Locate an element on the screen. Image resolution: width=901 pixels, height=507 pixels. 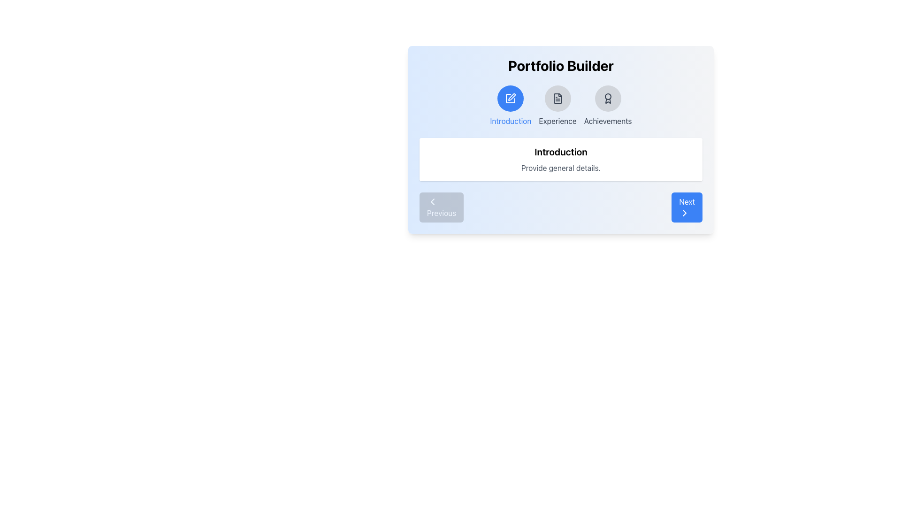
the circular blue icon with a white pen symbol located above the text 'Introduction' to focus on the Introduction section is located at coordinates (510, 106).